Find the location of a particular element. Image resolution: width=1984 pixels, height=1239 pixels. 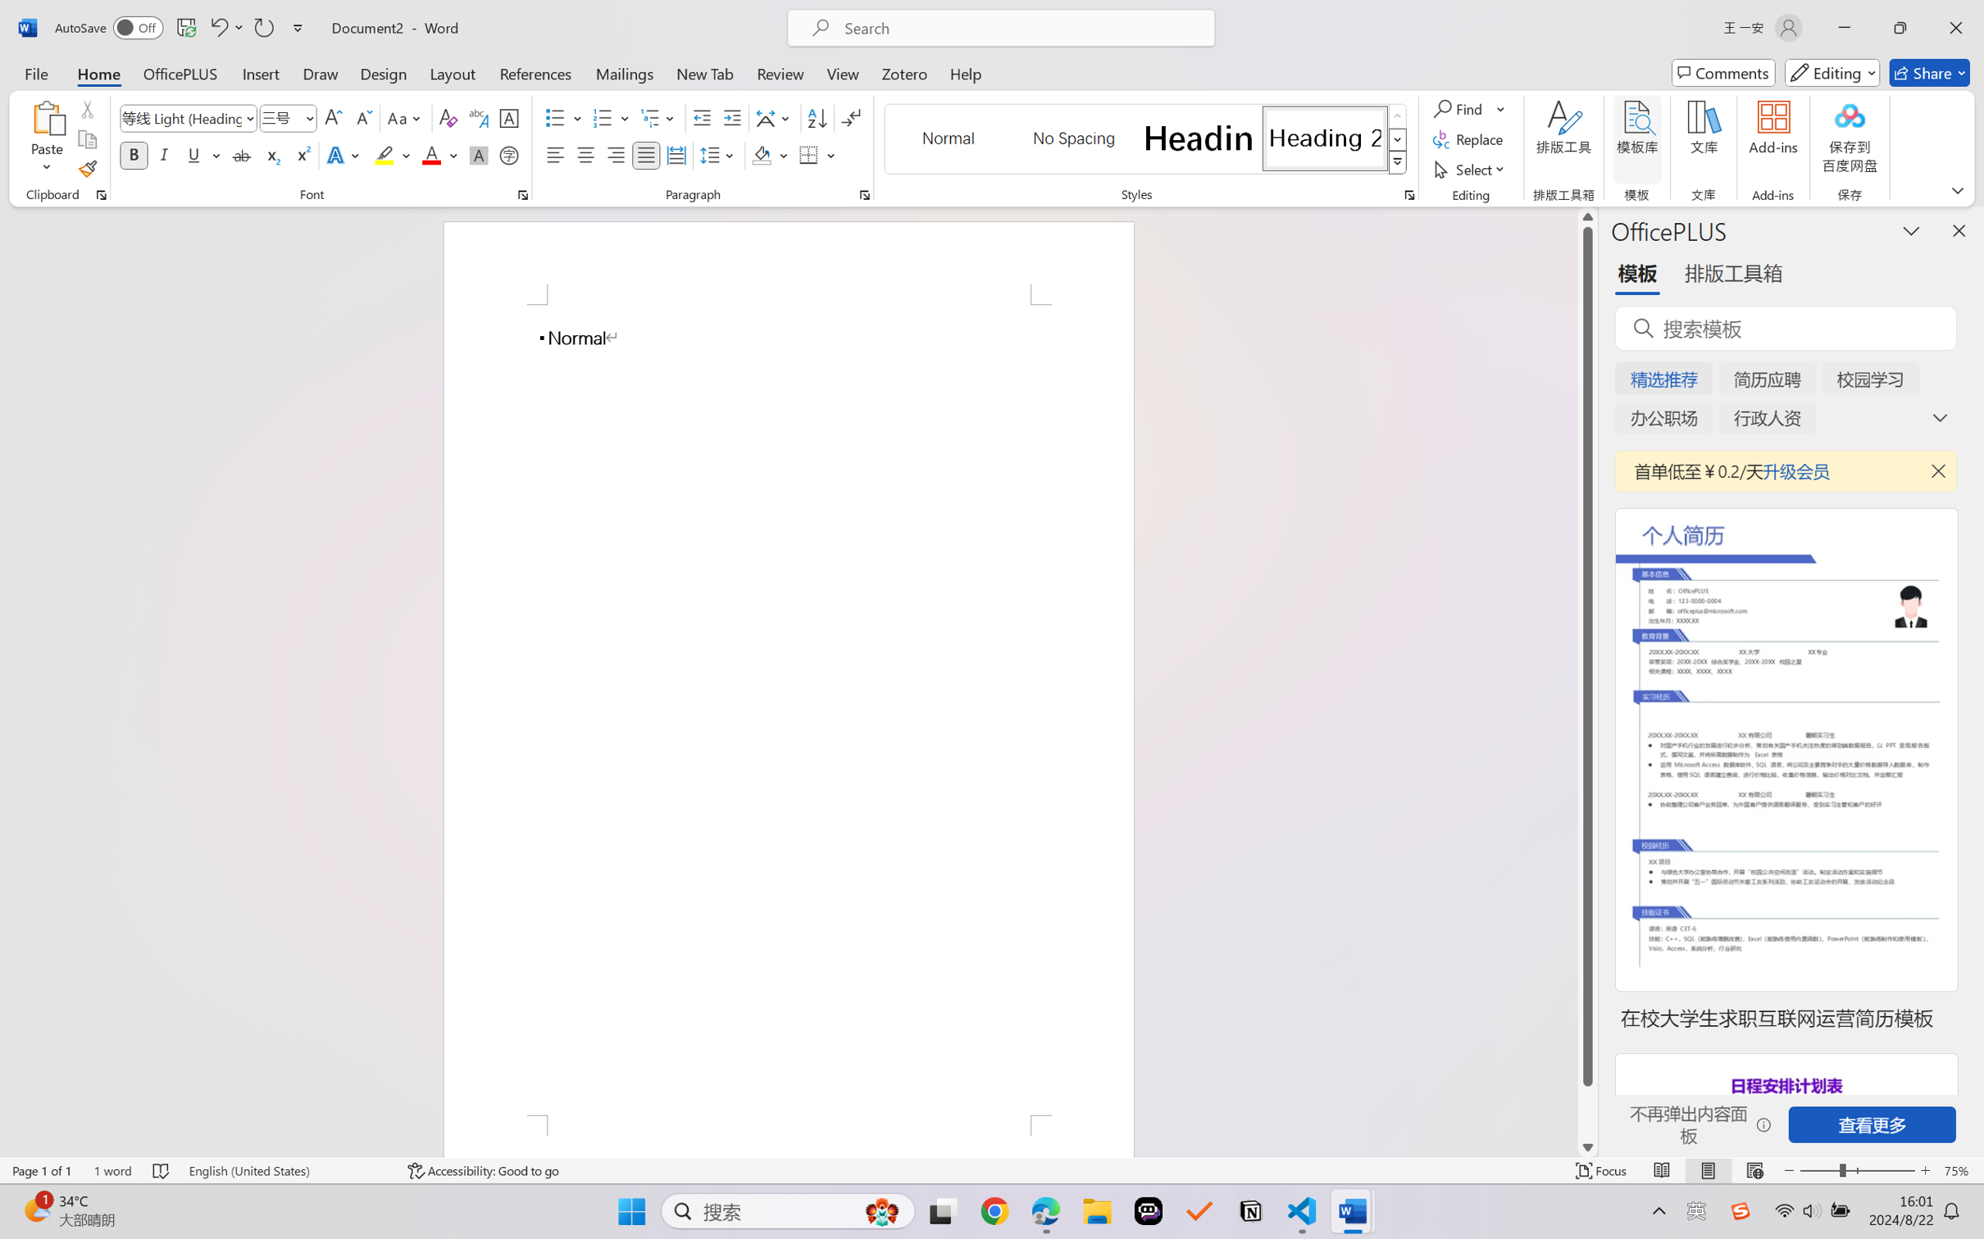

'Word Count 1 word' is located at coordinates (112, 1170).